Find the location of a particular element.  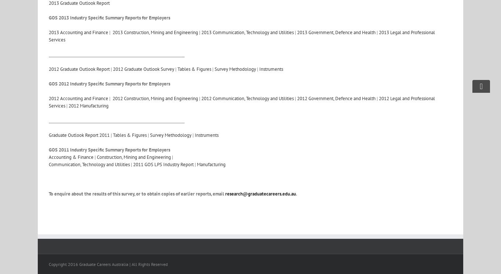

'2012 Graduate Outlook Survey' is located at coordinates (143, 69).